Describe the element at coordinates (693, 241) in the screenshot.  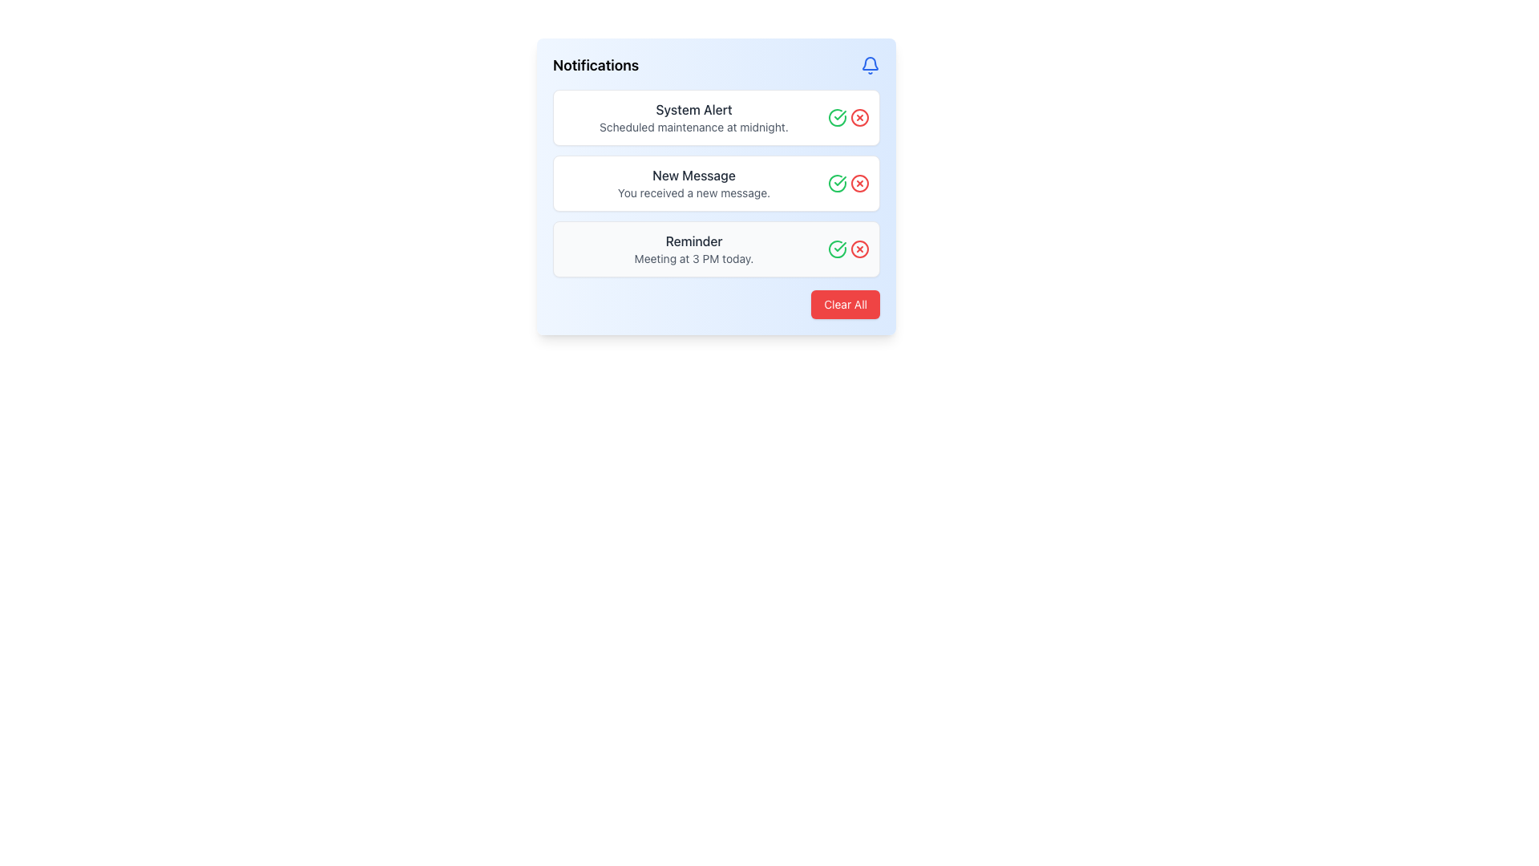
I see `the 'Reminder' text label located in the third notification entry within the 'Notifications' list, which is styled in gray and is positioned above the description 'Meeting at 3 PM today.'` at that location.